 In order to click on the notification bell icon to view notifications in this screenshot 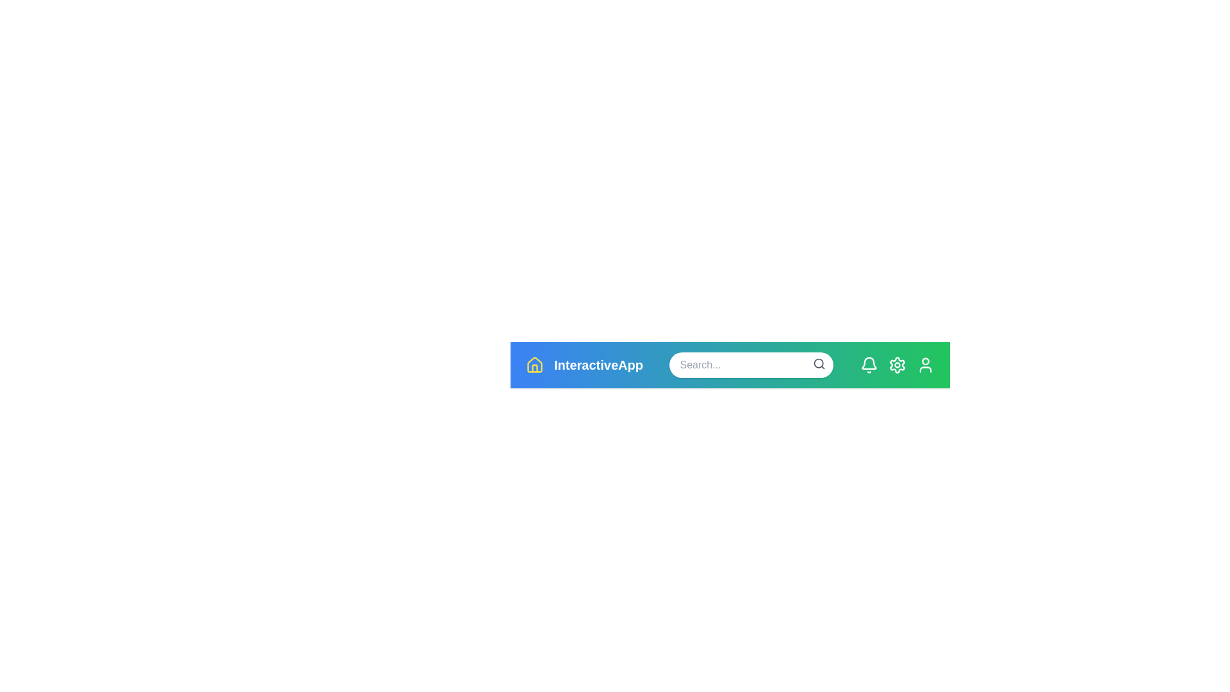, I will do `click(869, 365)`.